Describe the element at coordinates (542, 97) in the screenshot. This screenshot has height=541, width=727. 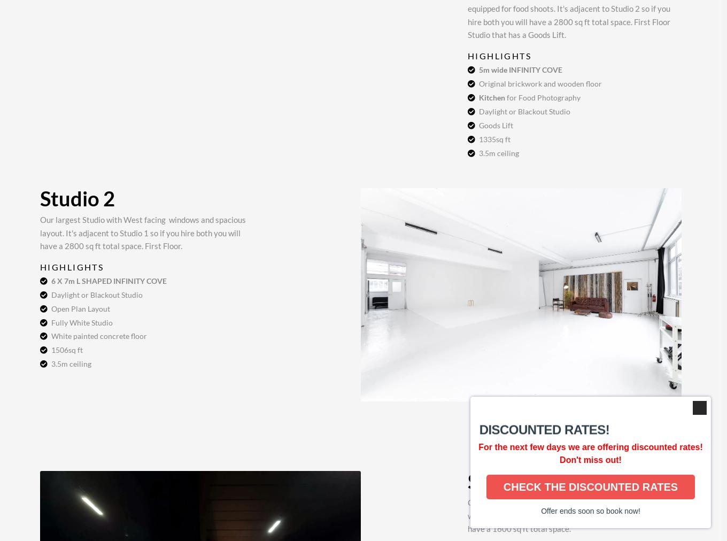
I see `'for Food Photography'` at that location.